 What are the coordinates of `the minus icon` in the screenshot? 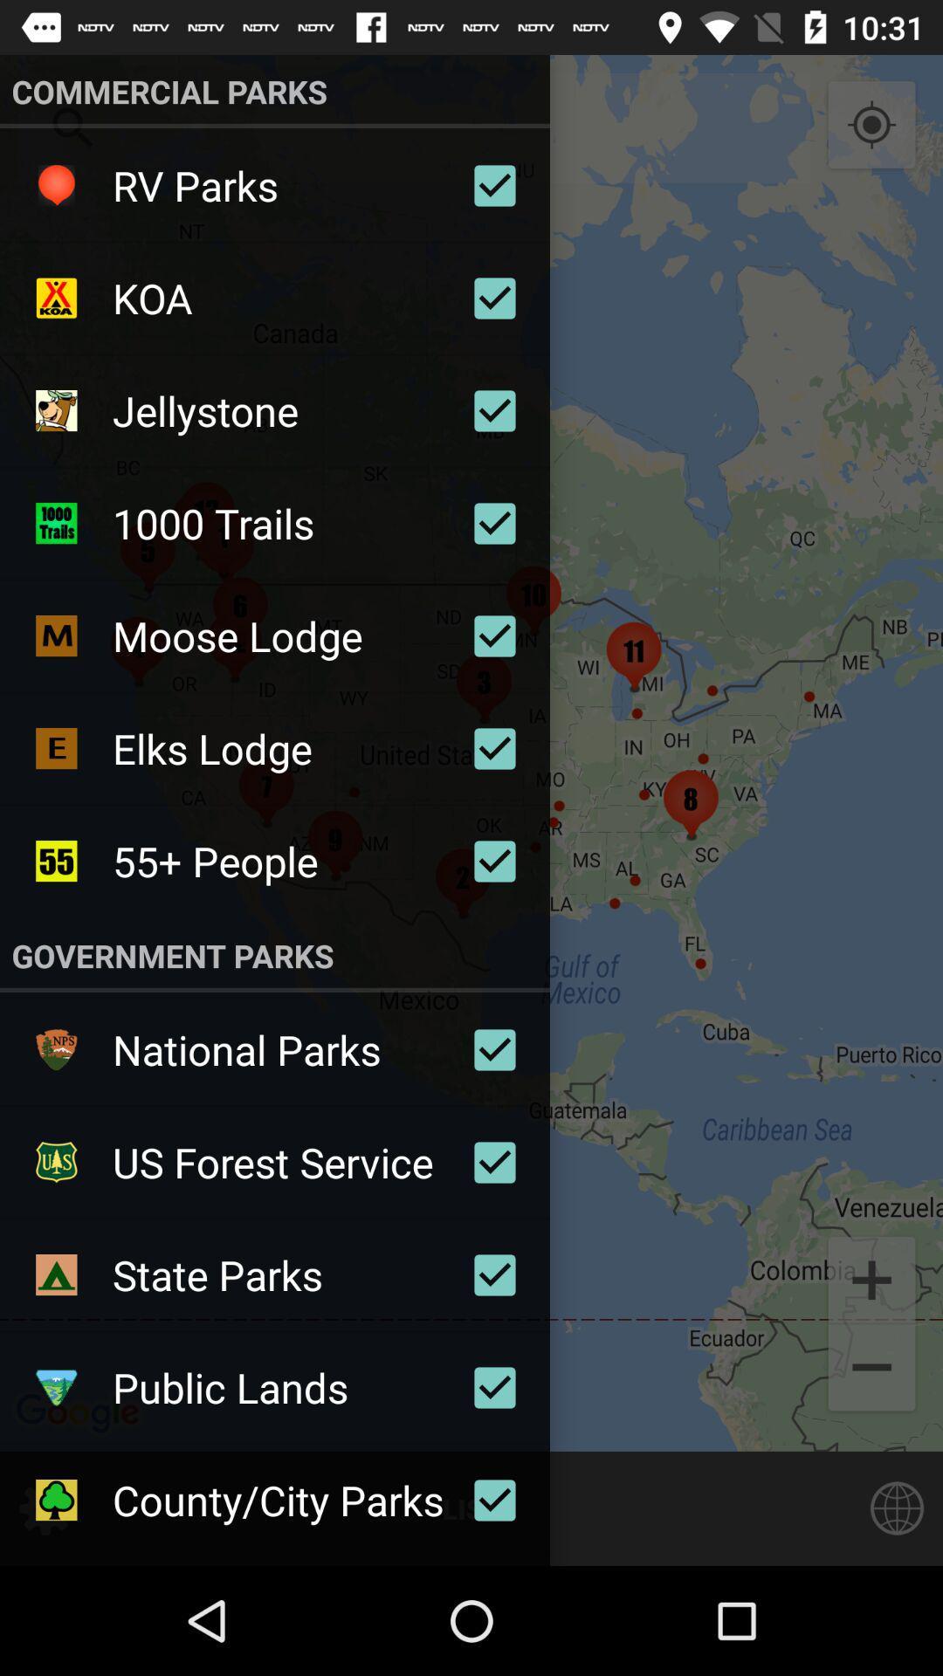 It's located at (871, 1369).